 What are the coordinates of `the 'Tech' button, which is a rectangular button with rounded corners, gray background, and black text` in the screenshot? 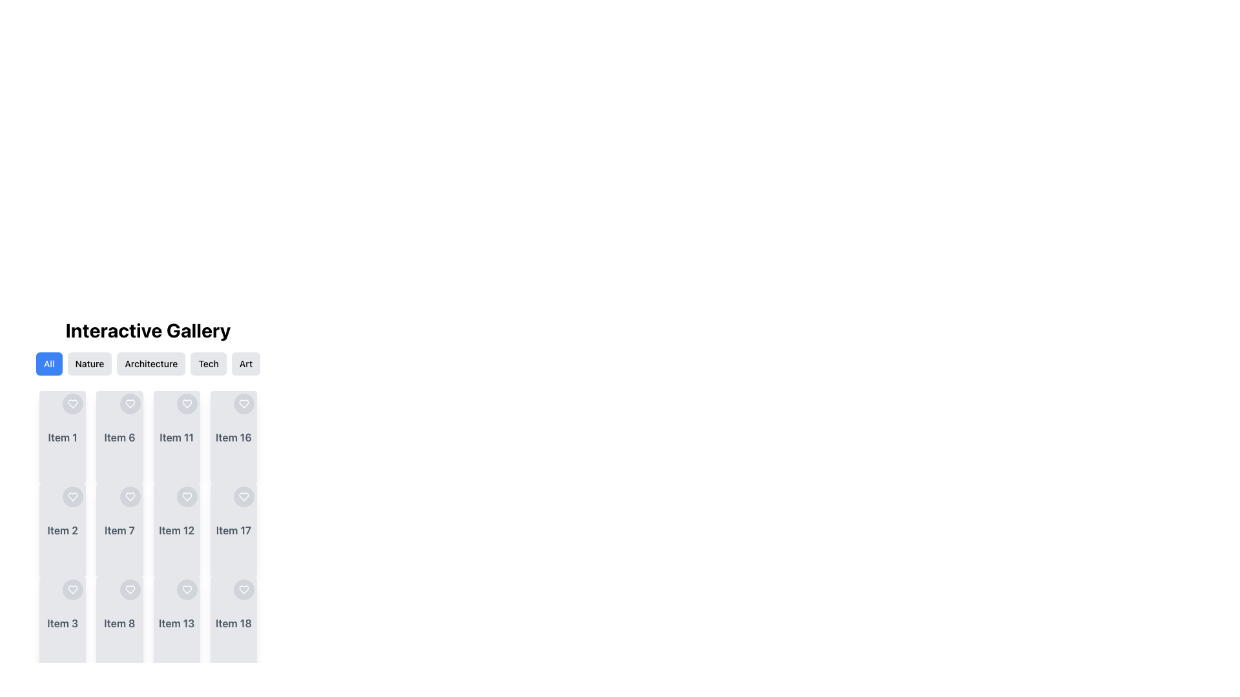 It's located at (209, 363).